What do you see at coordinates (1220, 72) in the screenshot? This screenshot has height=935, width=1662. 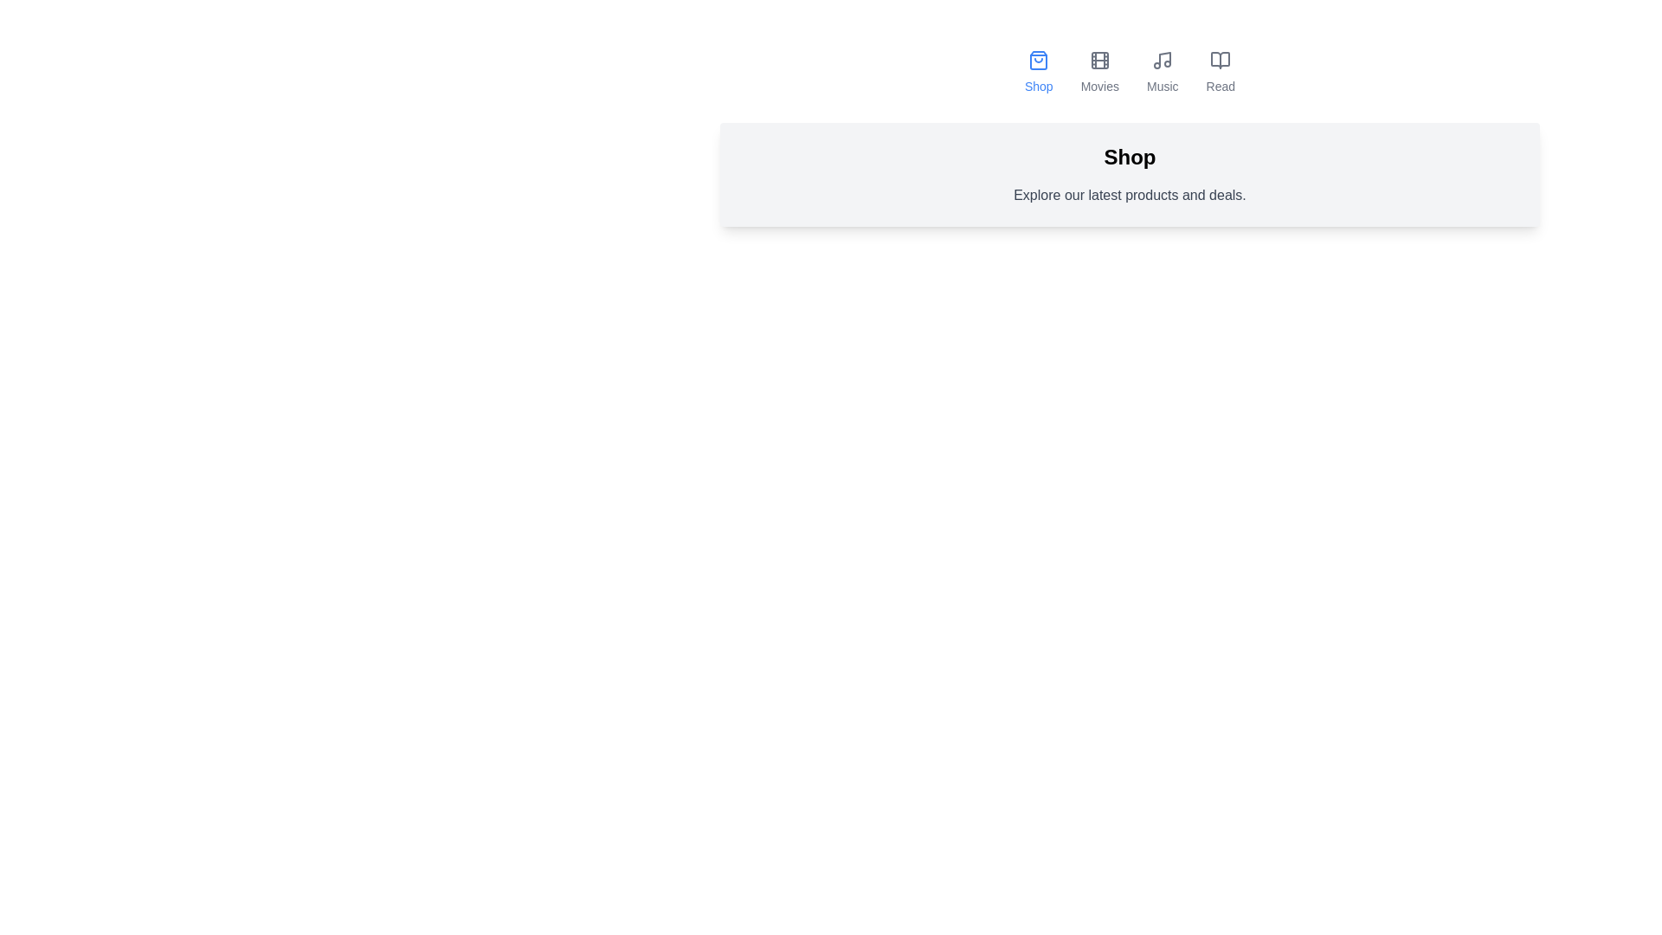 I see `the tab labeled Read to display its content` at bounding box center [1220, 72].